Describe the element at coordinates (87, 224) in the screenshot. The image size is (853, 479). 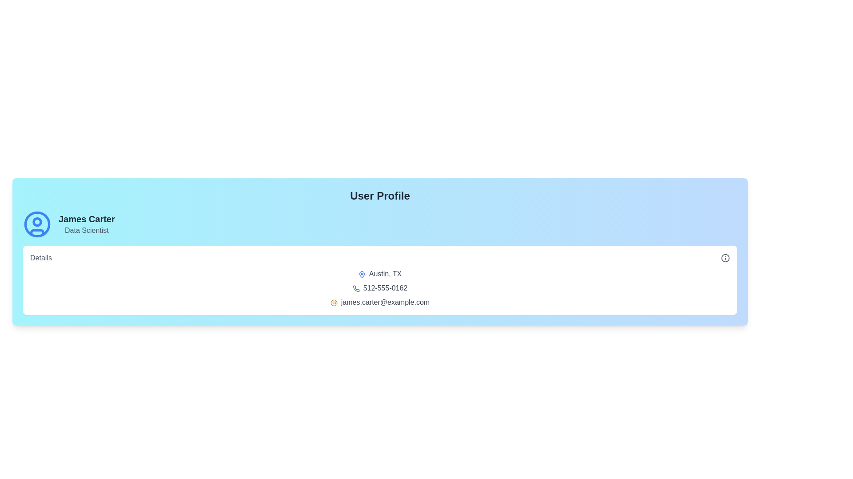
I see `labeled text block containing the user's name 'James Carter' and title 'Data Scientist', which is positioned to the right of a circular user icon` at that location.